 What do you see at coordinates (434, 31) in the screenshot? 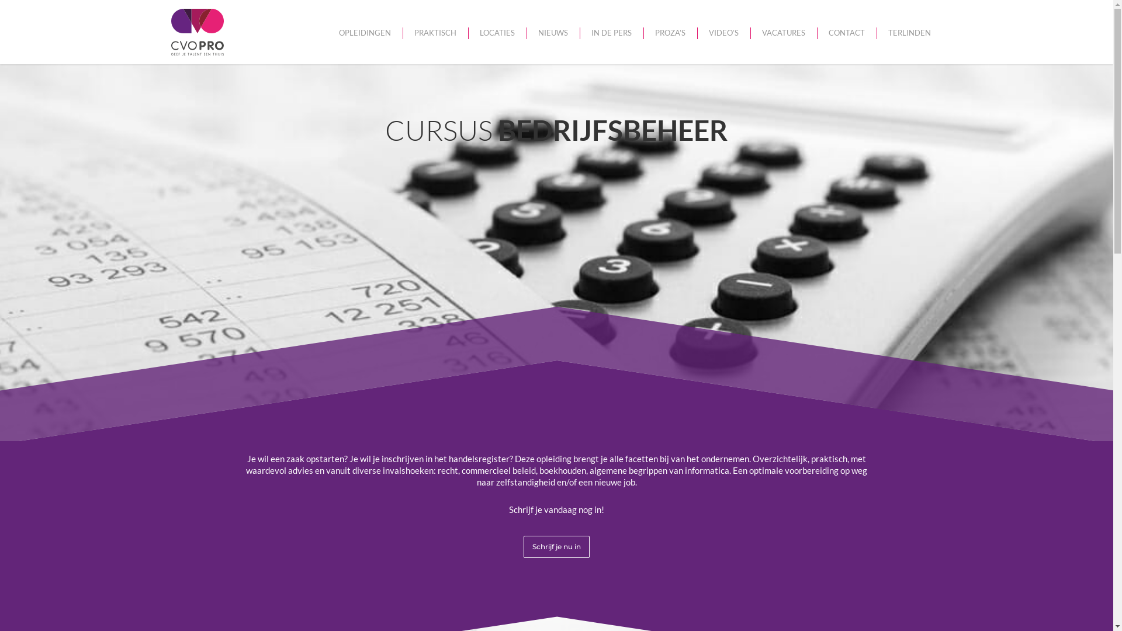
I see `'PRAKTISCH'` at bounding box center [434, 31].